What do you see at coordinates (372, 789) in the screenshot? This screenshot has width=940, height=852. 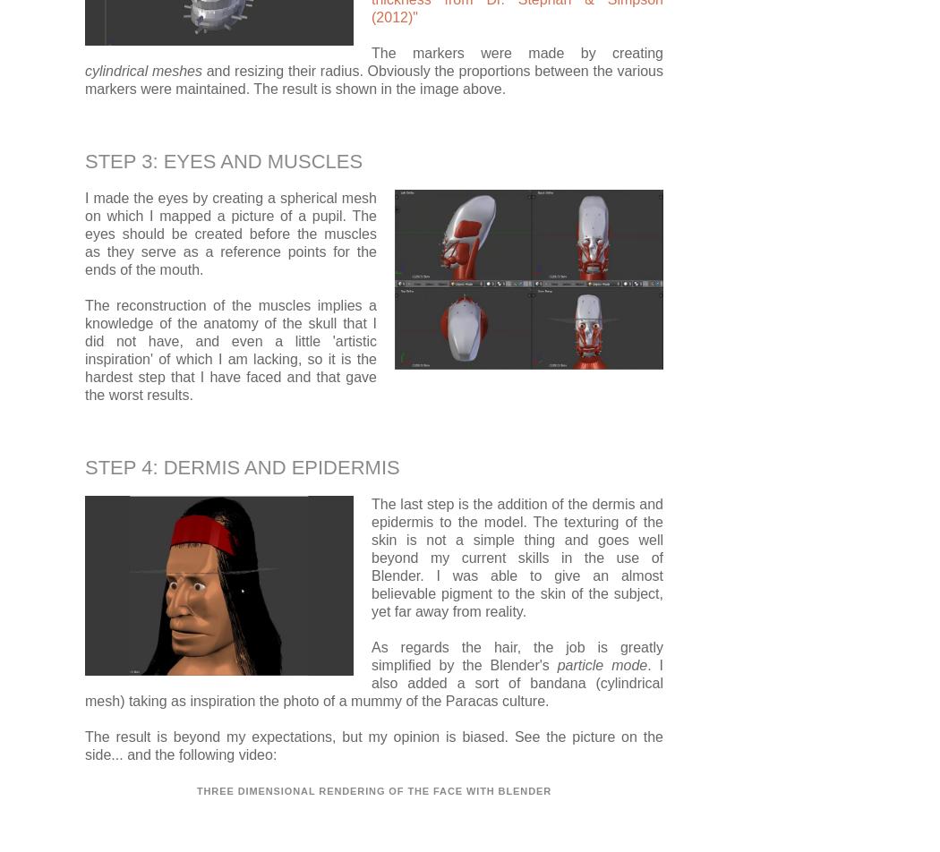 I see `'Three dimensional rendering of the face with Blender'` at bounding box center [372, 789].